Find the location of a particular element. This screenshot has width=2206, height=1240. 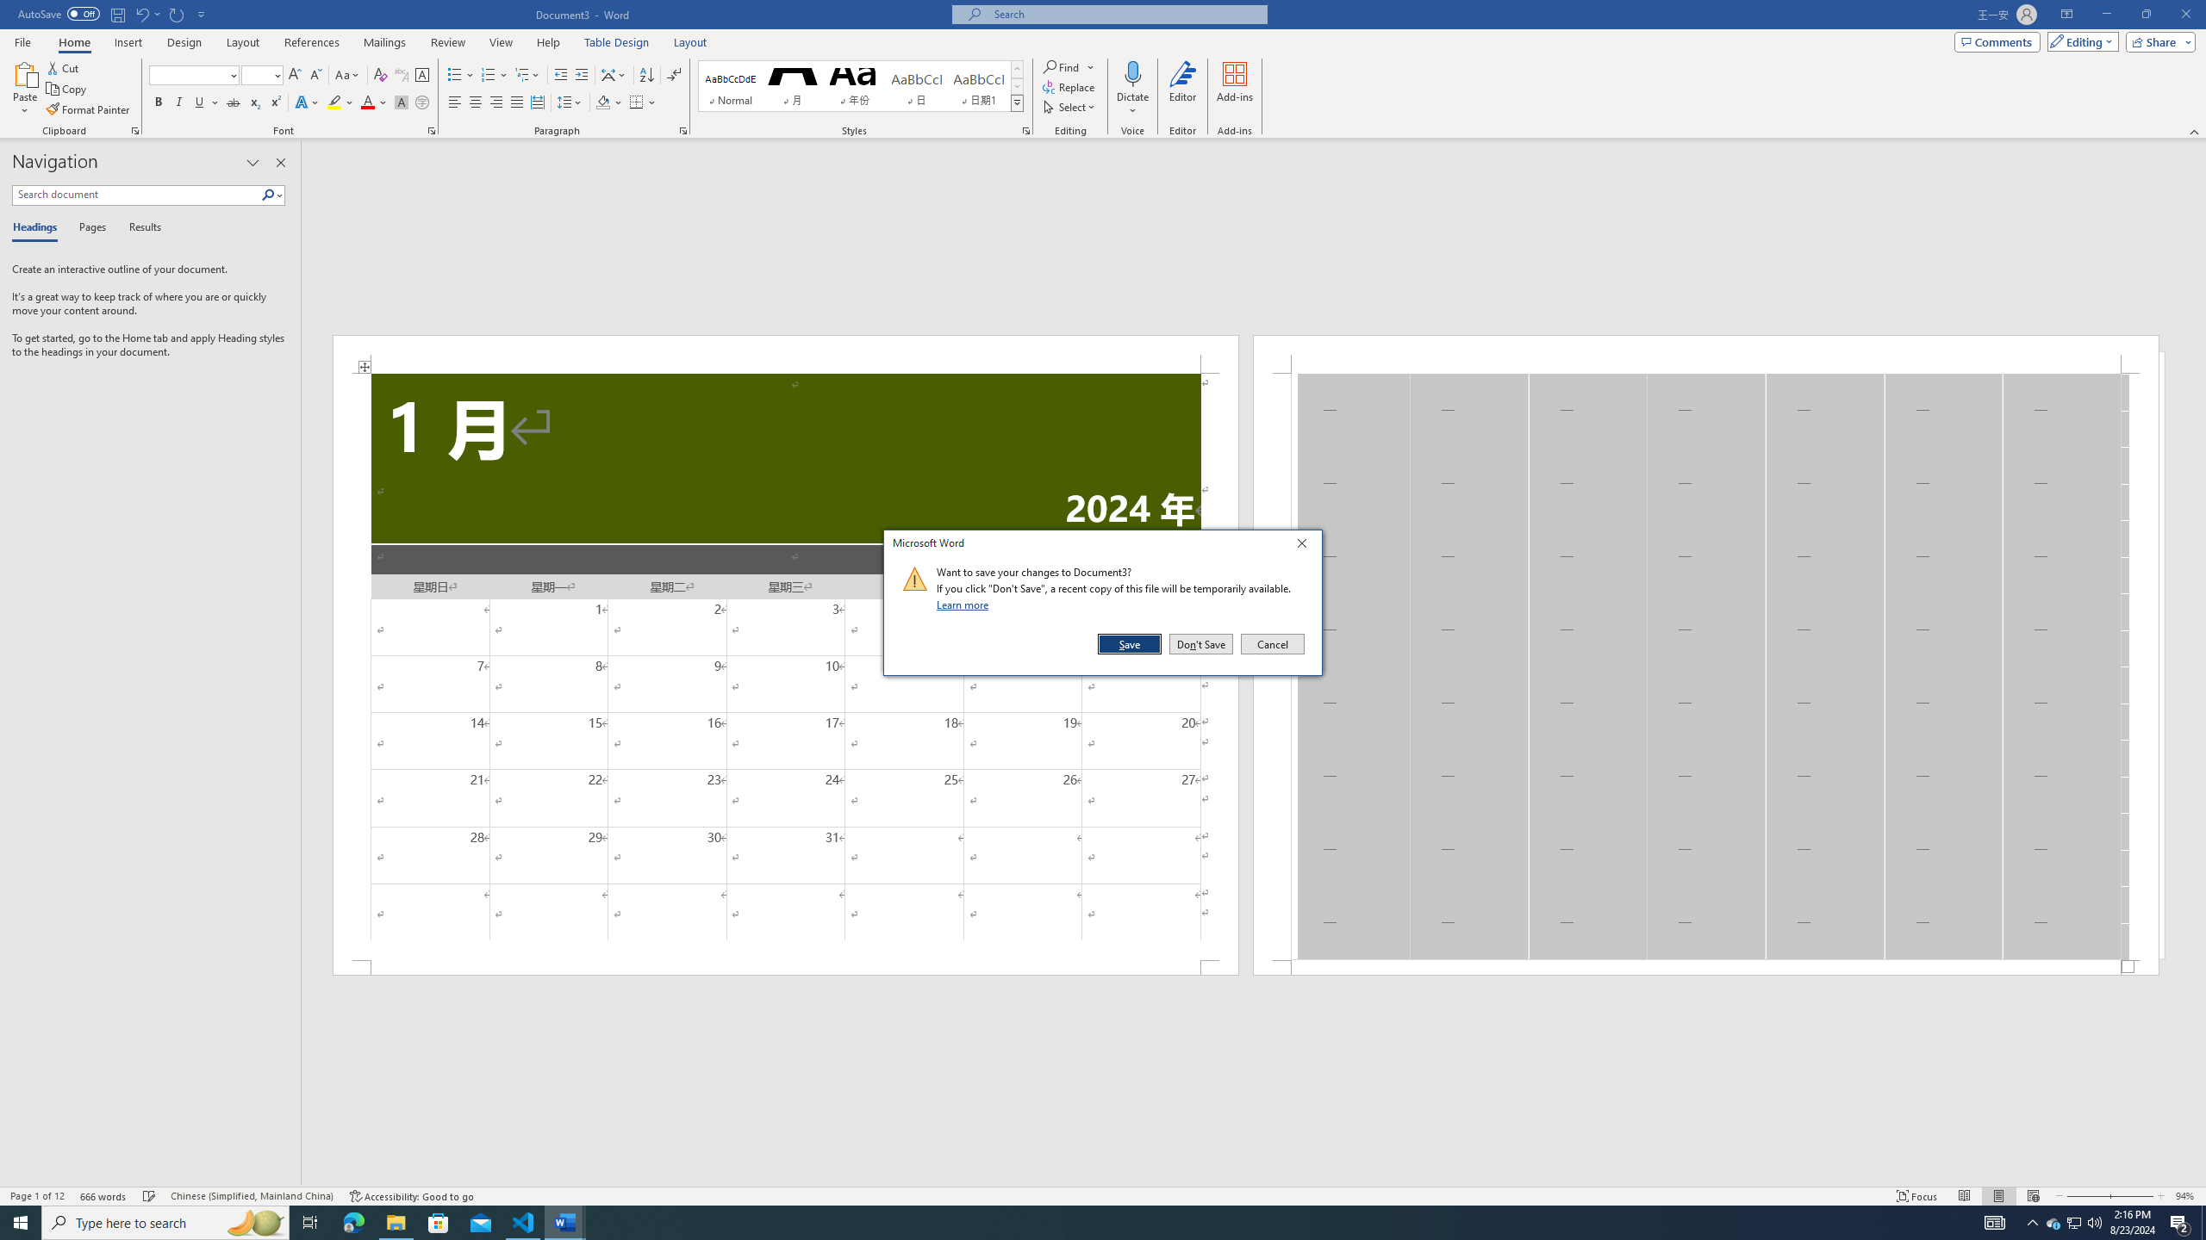

'Undo Apply Quick Style' is located at coordinates (140, 13).